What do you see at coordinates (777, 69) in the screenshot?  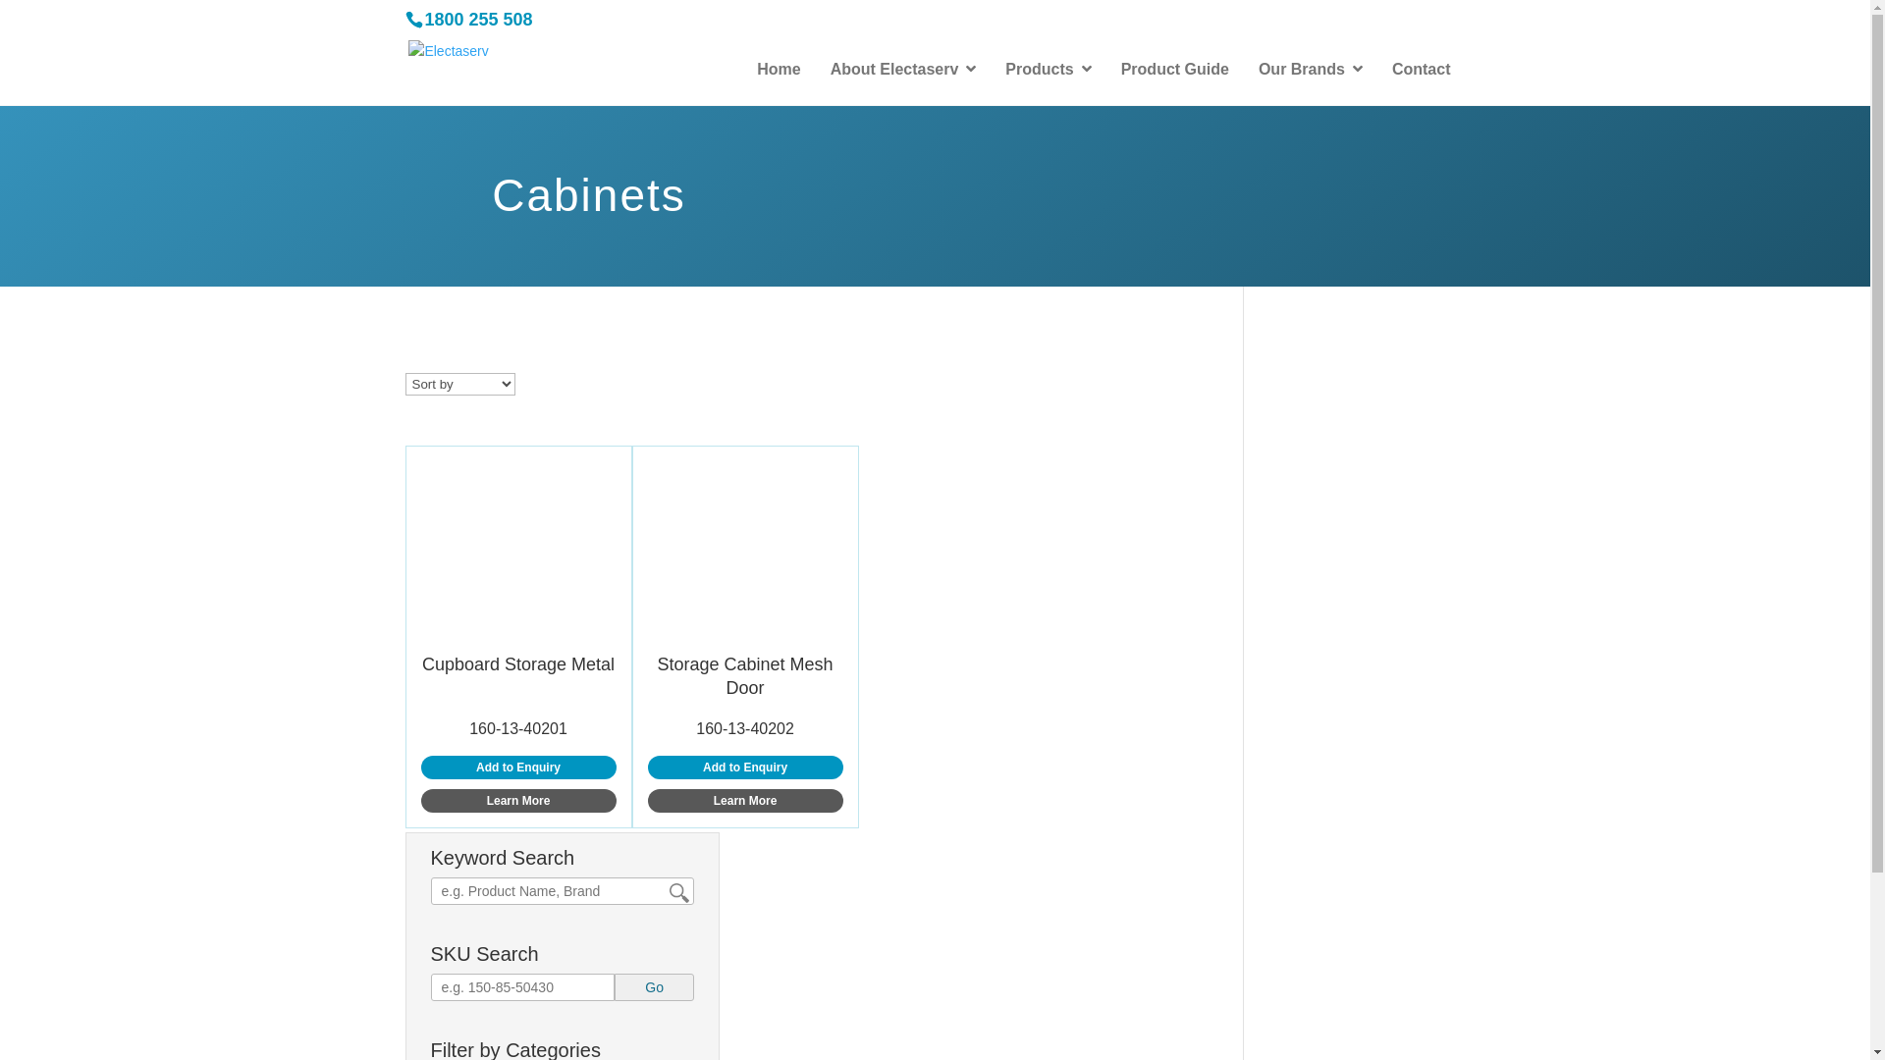 I see `'Home'` at bounding box center [777, 69].